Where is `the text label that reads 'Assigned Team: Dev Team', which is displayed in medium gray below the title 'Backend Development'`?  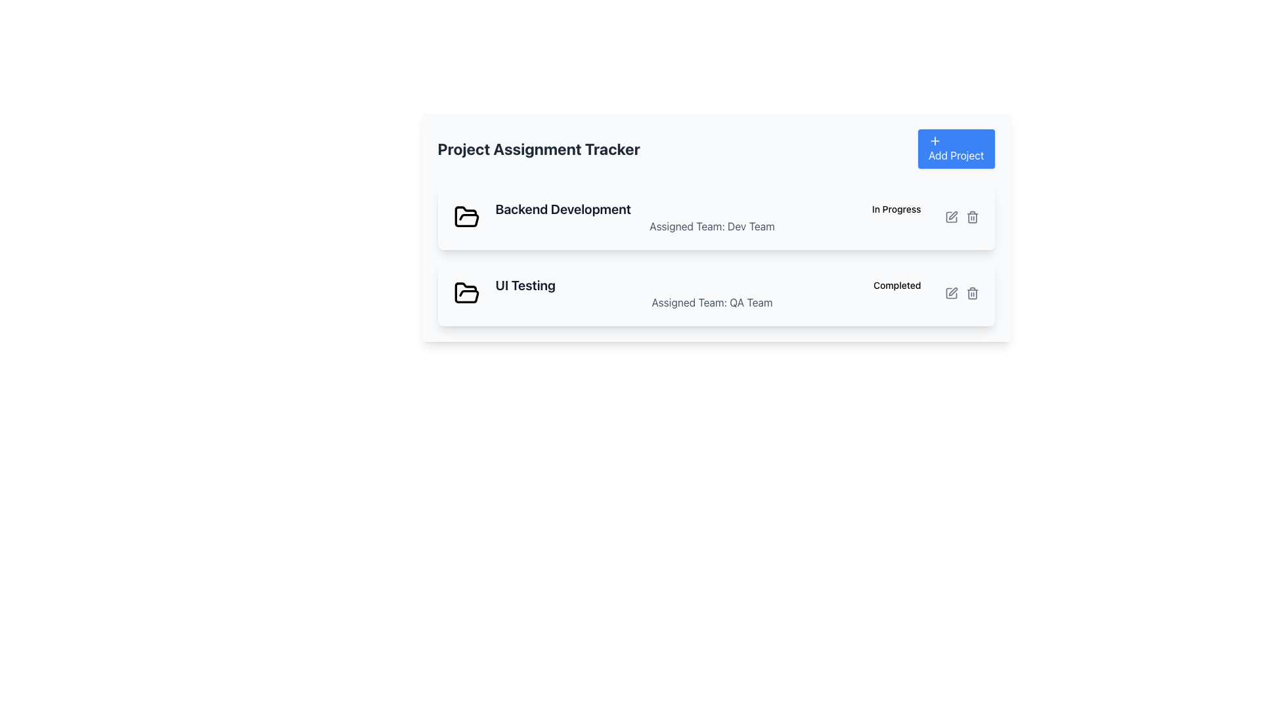 the text label that reads 'Assigned Team: Dev Team', which is displayed in medium gray below the title 'Backend Development' is located at coordinates (711, 225).